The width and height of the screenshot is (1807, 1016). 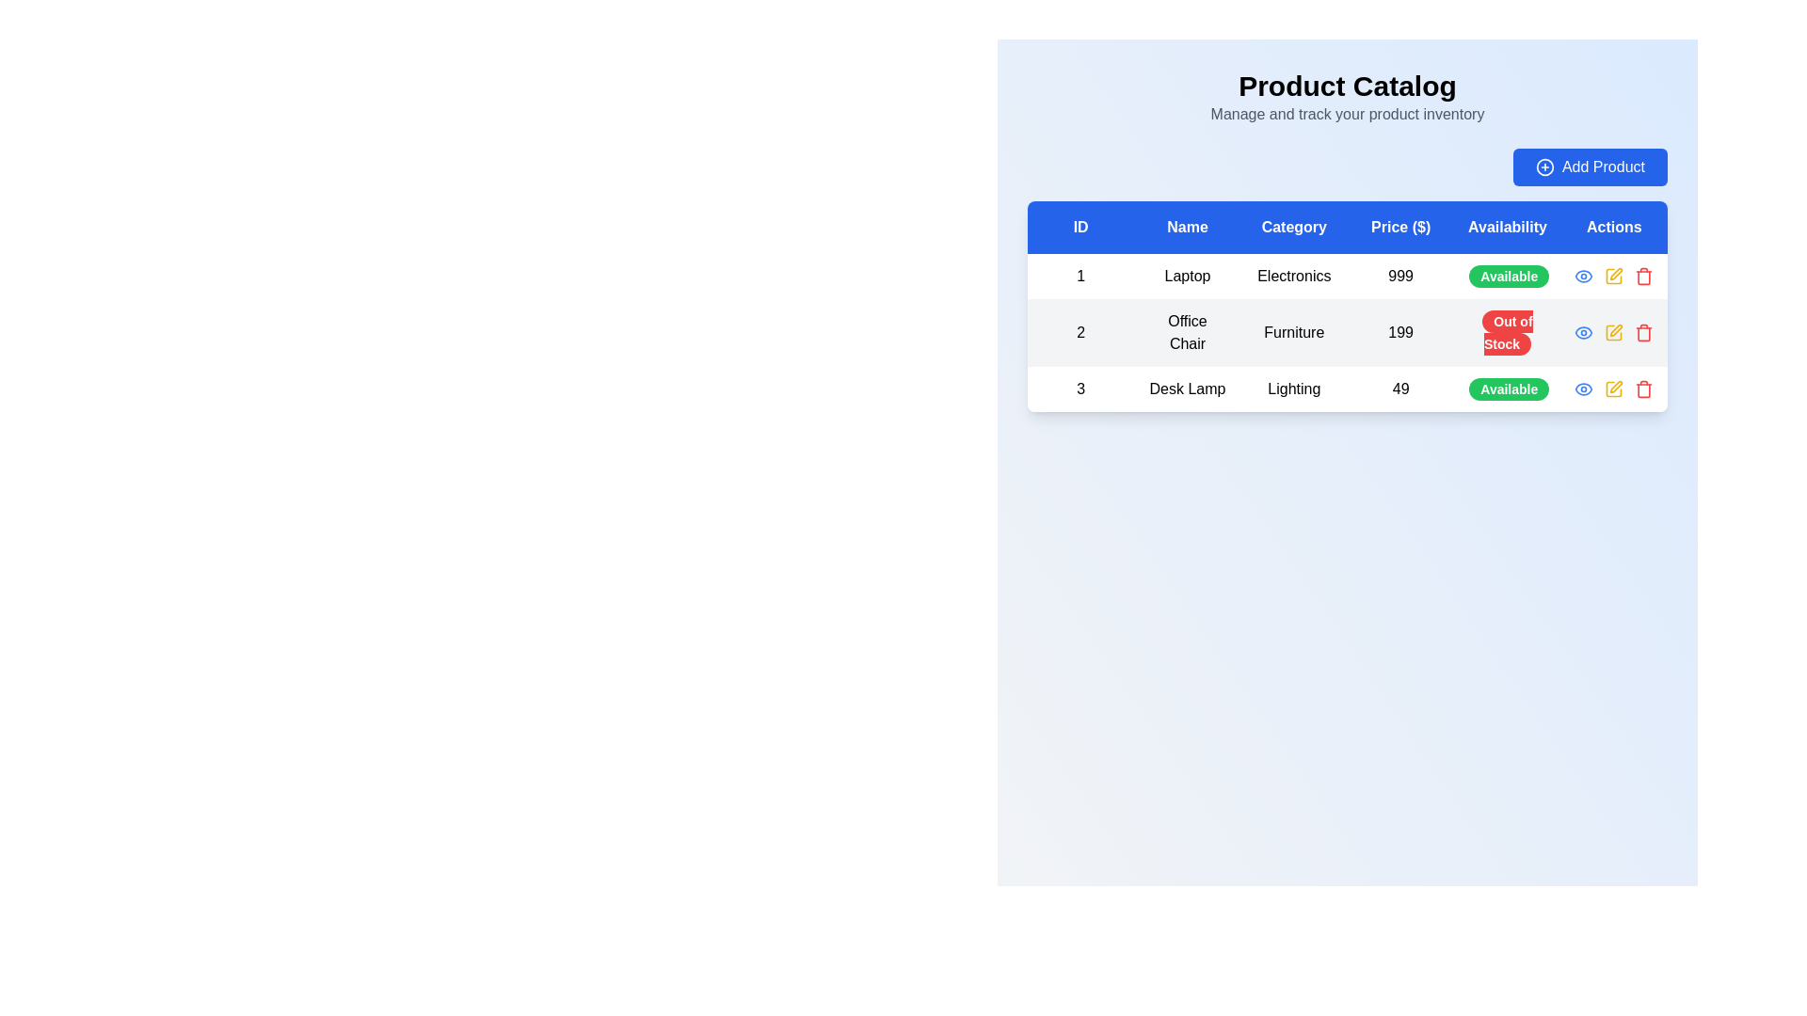 I want to click on displayed text in the 'ID' column of the 'Product Catalog' table, specifically located in the third row, so click(x=1080, y=388).